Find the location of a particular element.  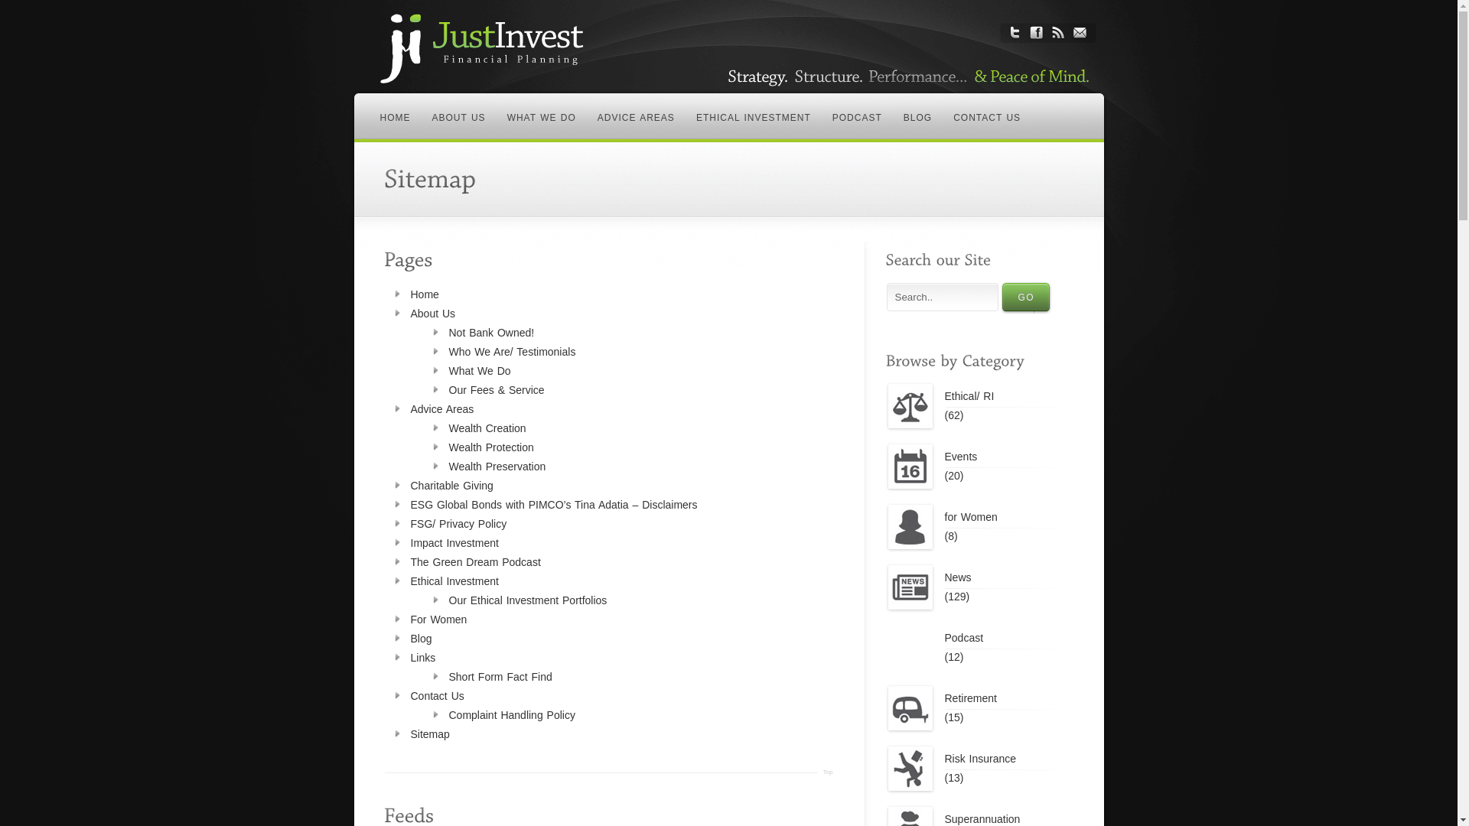

'ADVICE AREAS' is located at coordinates (636, 117).